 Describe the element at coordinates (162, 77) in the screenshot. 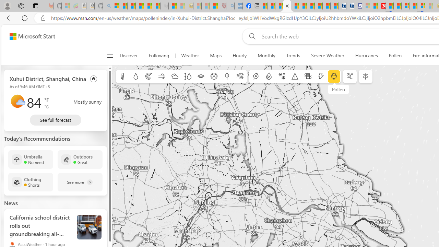

I see `'Wind'` at that location.